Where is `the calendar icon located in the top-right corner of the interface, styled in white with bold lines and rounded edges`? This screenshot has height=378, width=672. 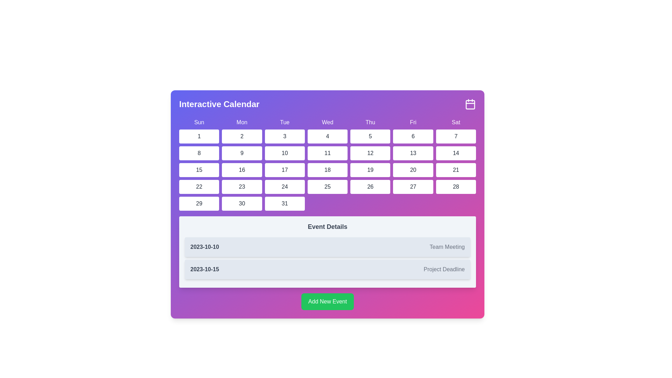 the calendar icon located in the top-right corner of the interface, styled in white with bold lines and rounded edges is located at coordinates (470, 104).